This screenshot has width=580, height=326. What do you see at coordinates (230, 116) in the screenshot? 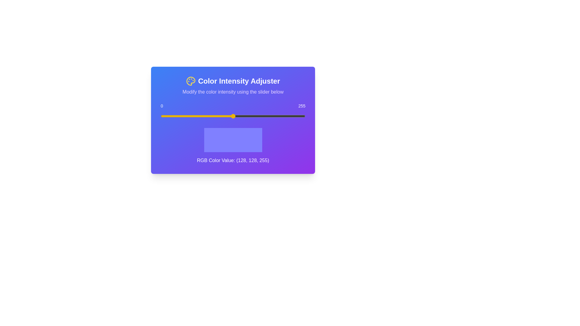
I see `the slider to set the color intensity to 124` at bounding box center [230, 116].